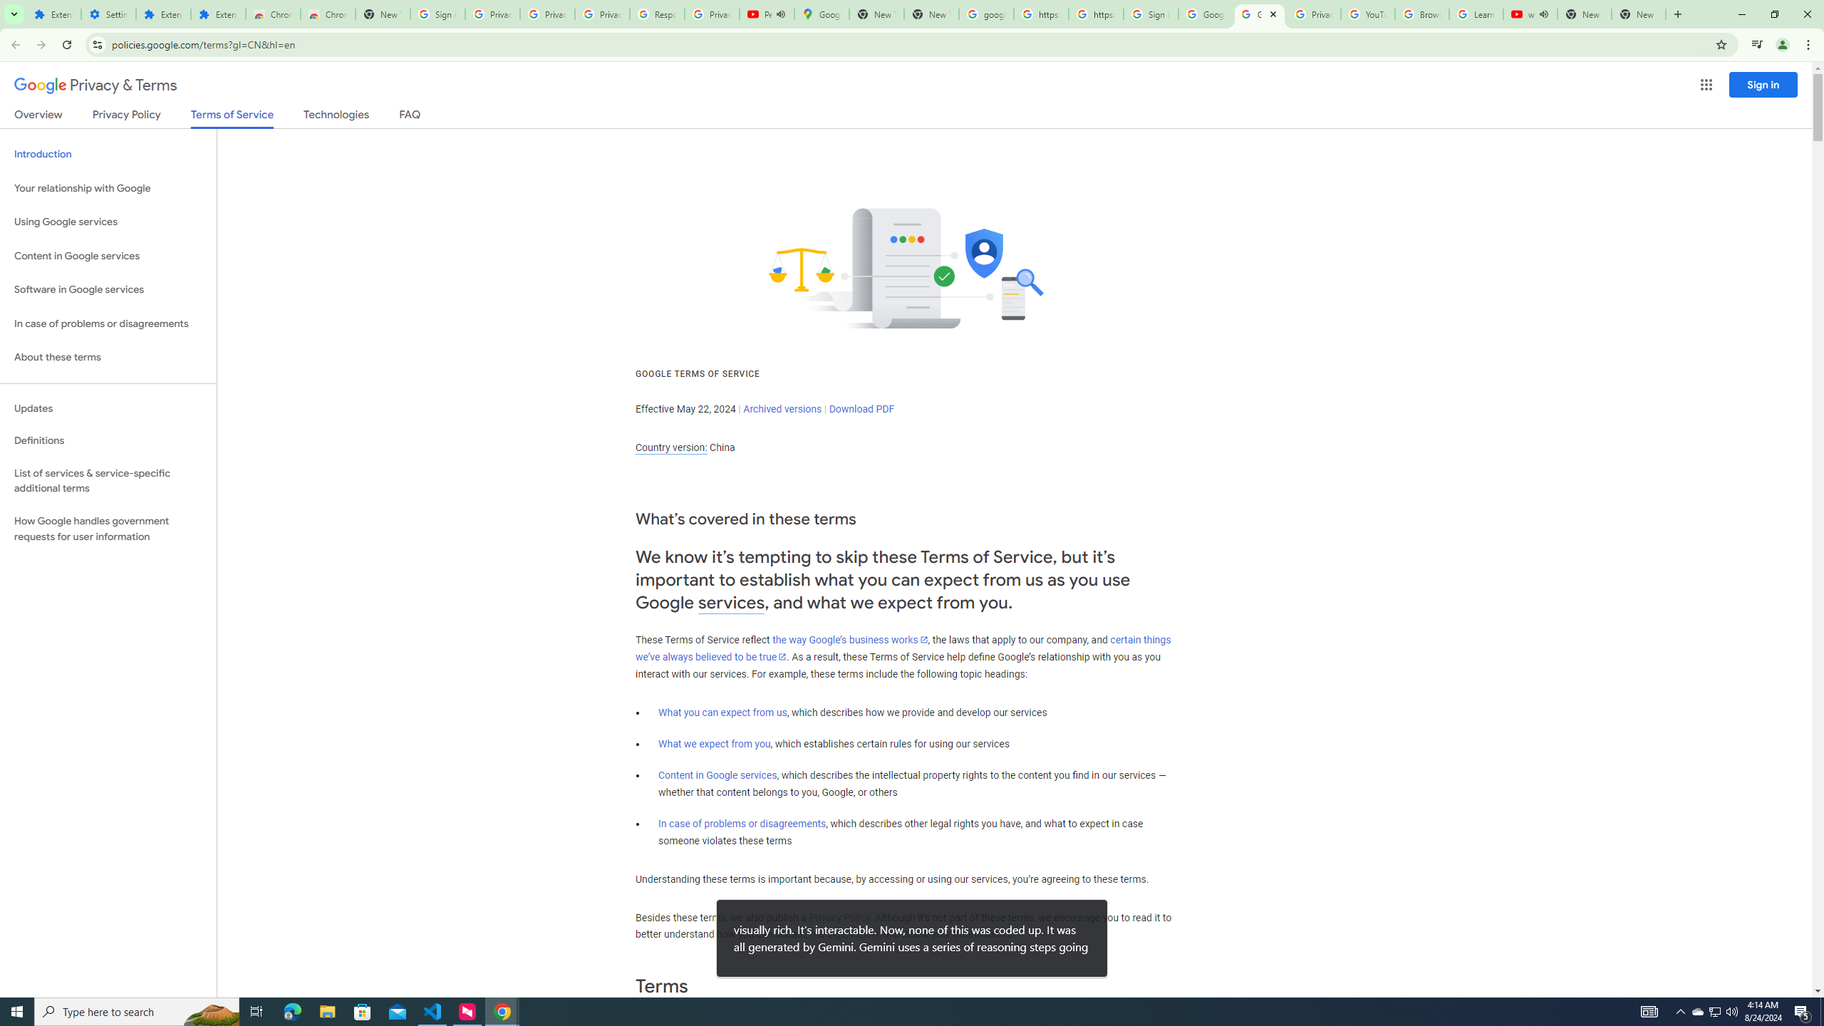 This screenshot has height=1026, width=1824. What do you see at coordinates (217, 14) in the screenshot?
I see `'Extensions'` at bounding box center [217, 14].